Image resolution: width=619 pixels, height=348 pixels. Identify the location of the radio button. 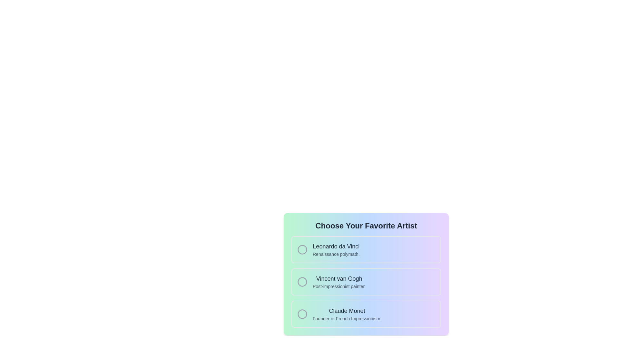
(366, 274).